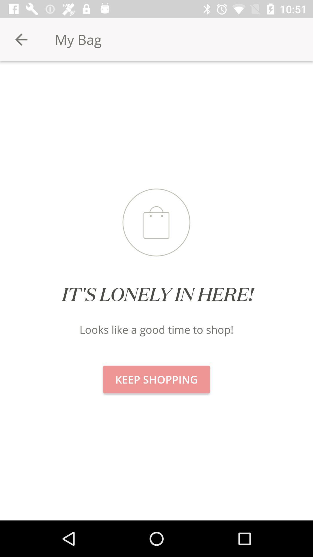 The image size is (313, 557). I want to click on icon to the left of my bag item, so click(21, 39).